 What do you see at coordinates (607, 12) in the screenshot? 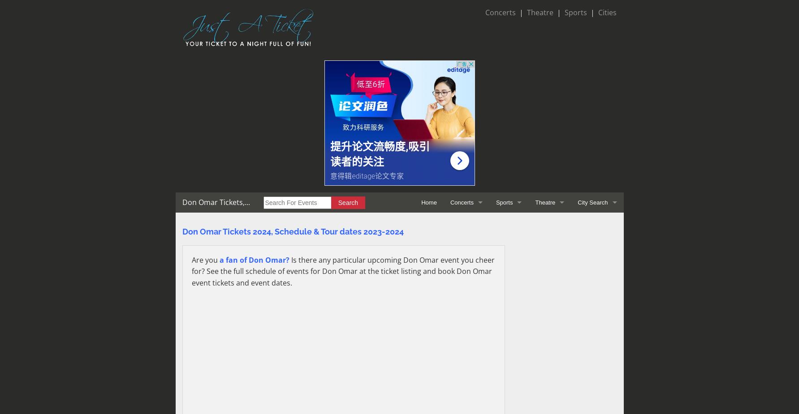
I see `'Cities'` at bounding box center [607, 12].